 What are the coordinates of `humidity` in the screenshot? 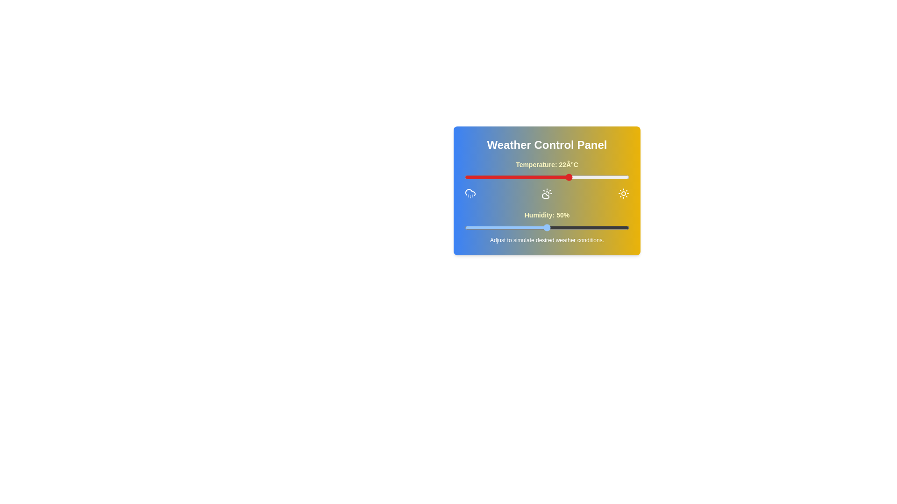 It's located at (611, 228).